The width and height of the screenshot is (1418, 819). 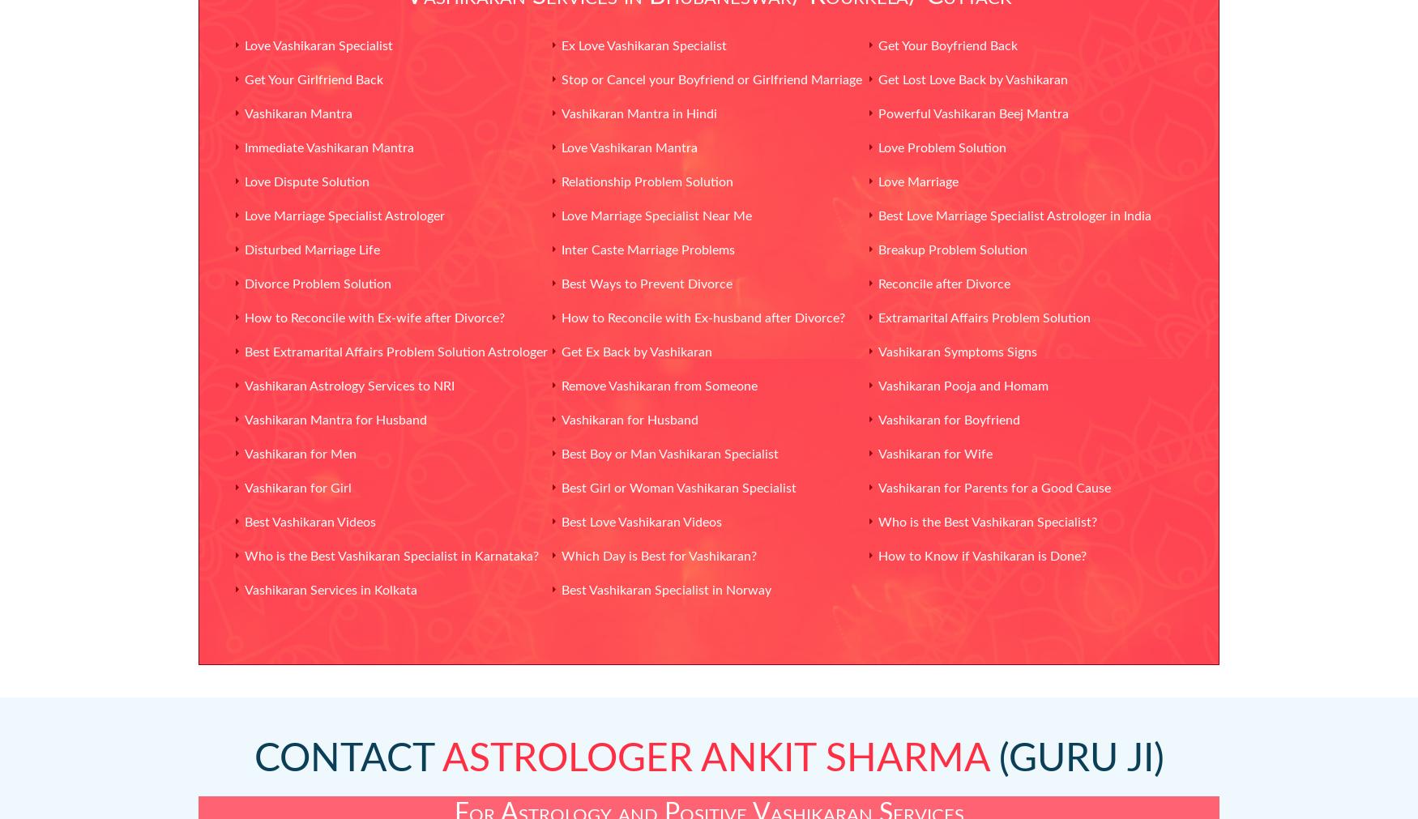 What do you see at coordinates (328, 147) in the screenshot?
I see `'Immediate Vashikaran Mantra'` at bounding box center [328, 147].